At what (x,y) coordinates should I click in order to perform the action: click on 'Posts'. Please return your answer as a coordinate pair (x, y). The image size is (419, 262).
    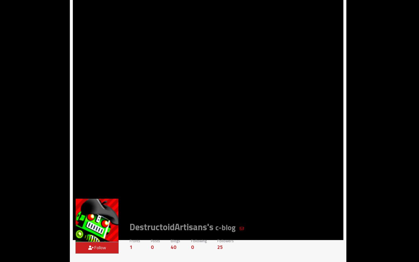
    Looking at the image, I should click on (155, 240).